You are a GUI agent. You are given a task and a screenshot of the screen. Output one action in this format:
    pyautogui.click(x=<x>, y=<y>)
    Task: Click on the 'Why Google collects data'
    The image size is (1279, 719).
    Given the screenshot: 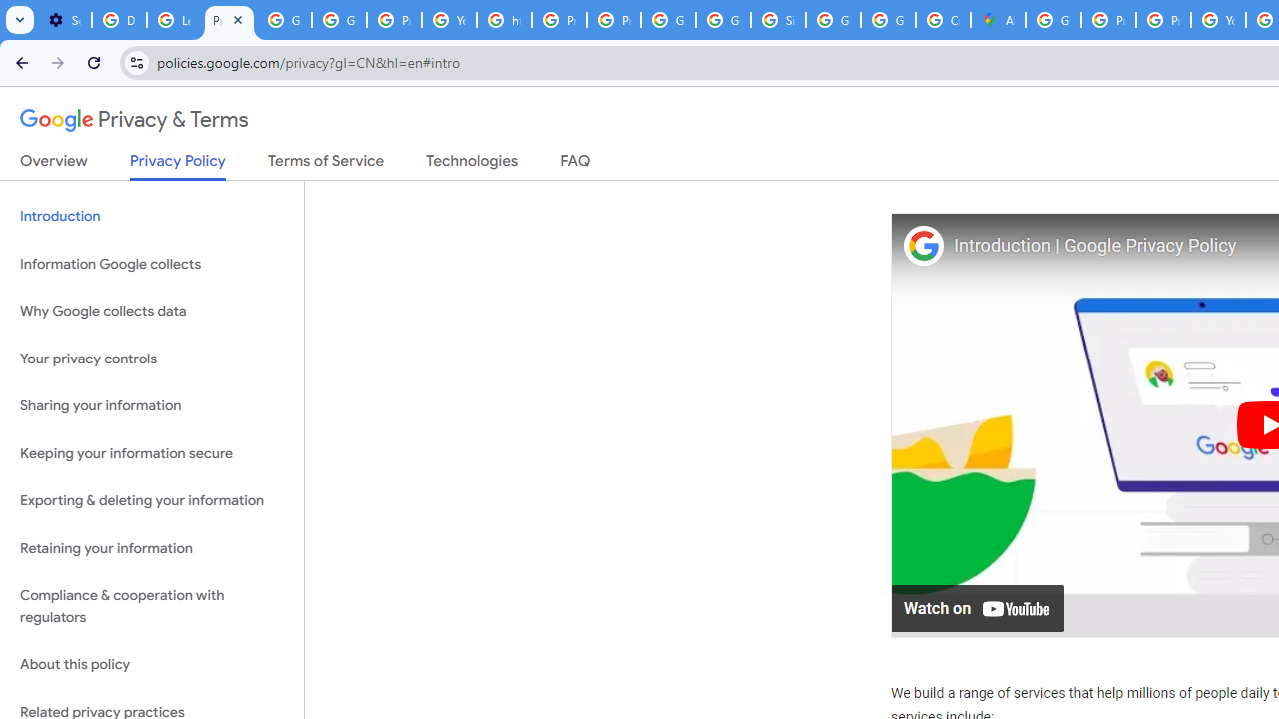 What is the action you would take?
    pyautogui.click(x=151, y=312)
    